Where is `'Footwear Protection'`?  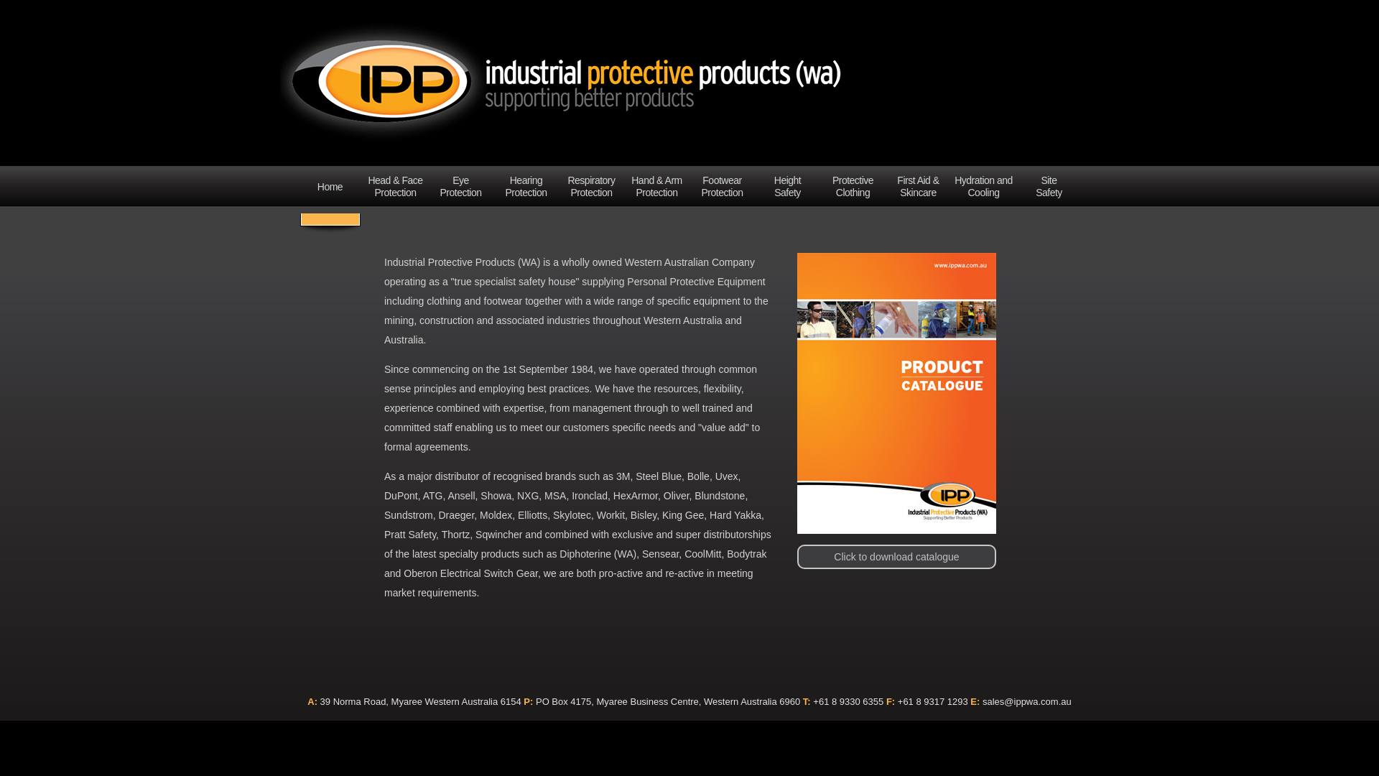 'Footwear Protection' is located at coordinates (689, 185).